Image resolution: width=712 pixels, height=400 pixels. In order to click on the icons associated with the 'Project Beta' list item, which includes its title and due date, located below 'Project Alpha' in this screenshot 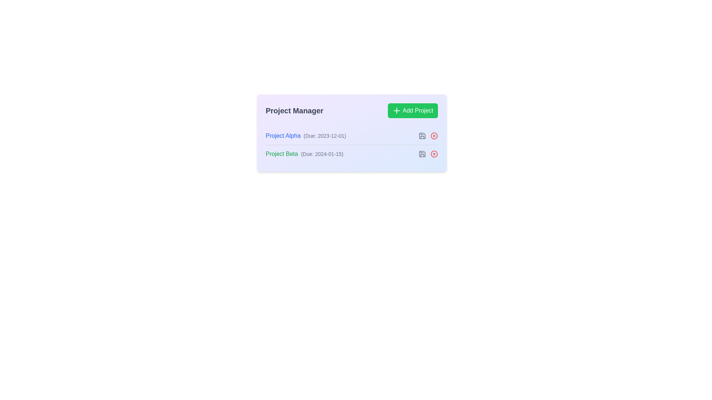, I will do `click(351, 153)`.